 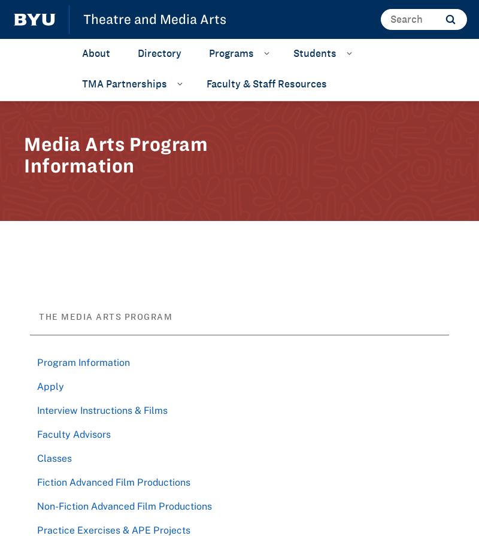 What do you see at coordinates (82, 53) in the screenshot?
I see `'About'` at bounding box center [82, 53].